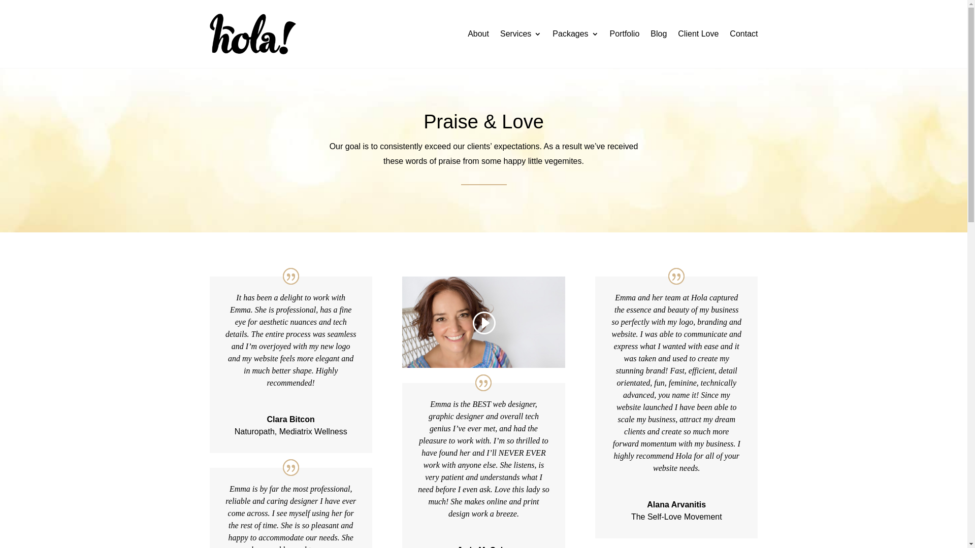 The image size is (975, 548). I want to click on 'Client Love', so click(697, 33).